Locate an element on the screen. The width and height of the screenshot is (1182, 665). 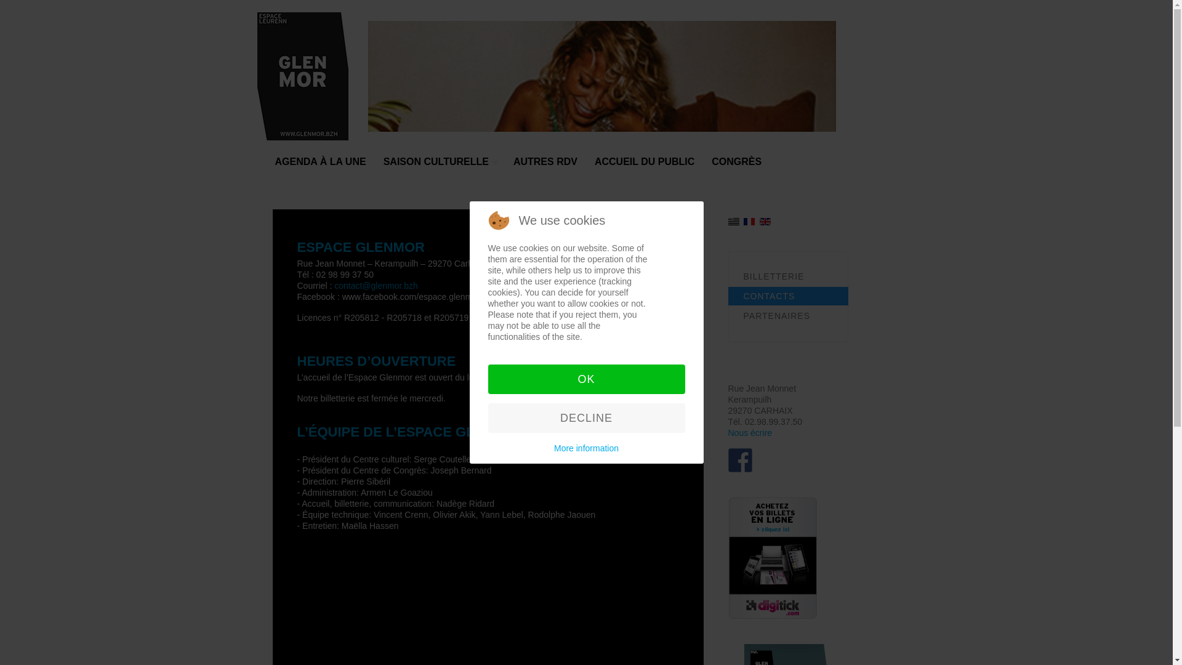
'OK' is located at coordinates (585, 379).